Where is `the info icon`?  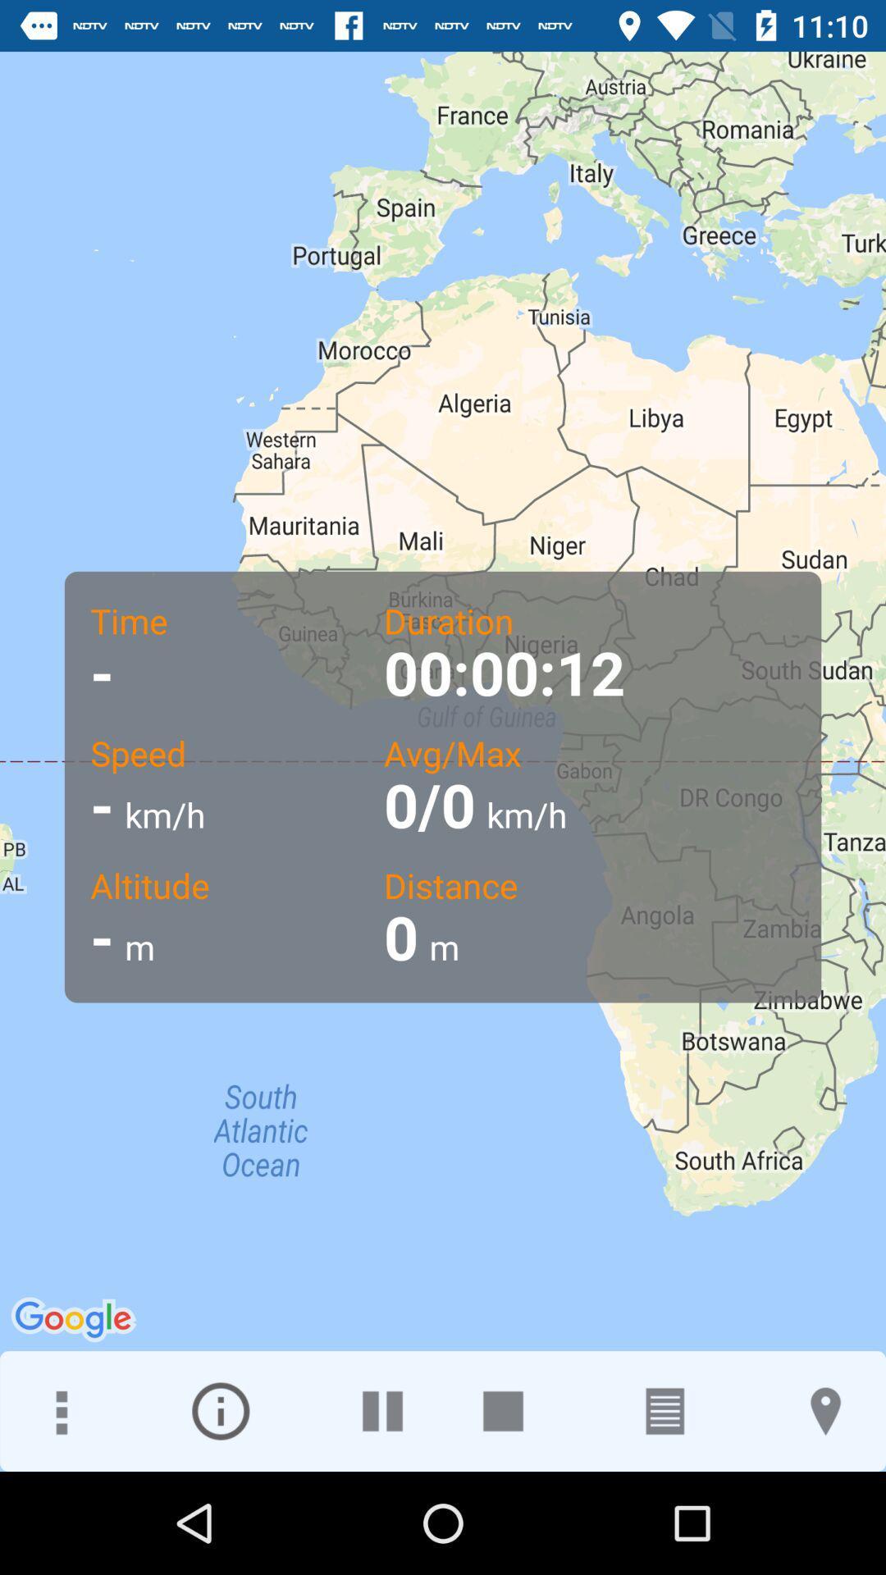 the info icon is located at coordinates (220, 1410).